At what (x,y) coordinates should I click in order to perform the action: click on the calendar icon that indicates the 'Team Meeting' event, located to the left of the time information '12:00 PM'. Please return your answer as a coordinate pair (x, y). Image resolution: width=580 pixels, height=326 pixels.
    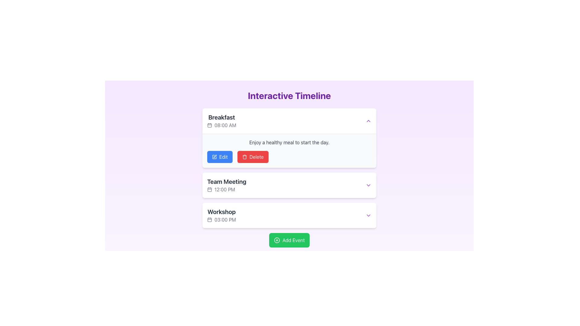
    Looking at the image, I should click on (210, 189).